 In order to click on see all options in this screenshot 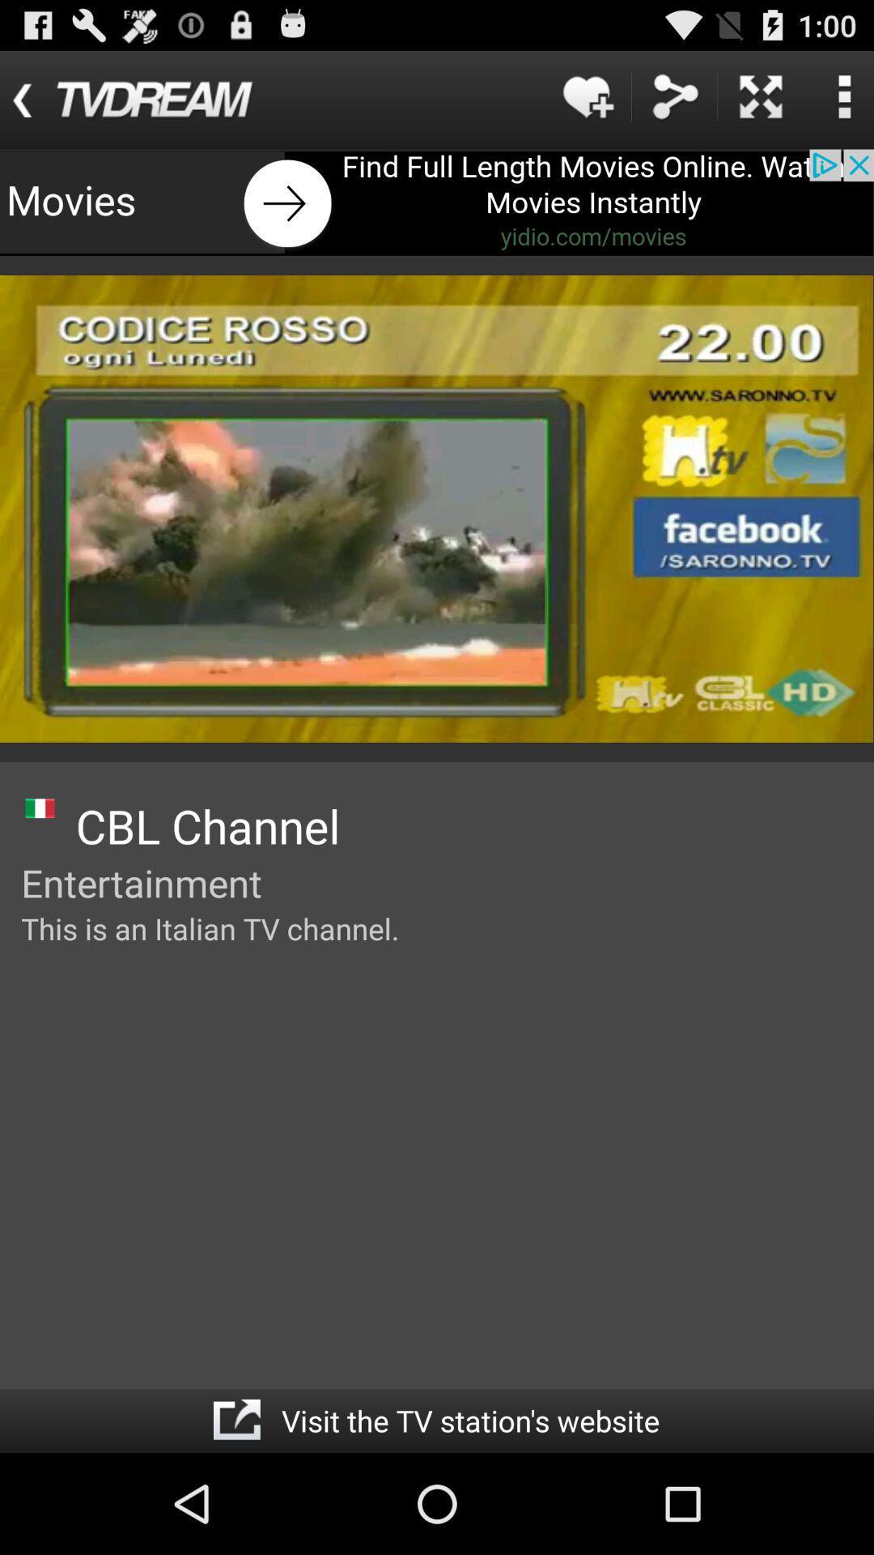, I will do `click(843, 96)`.